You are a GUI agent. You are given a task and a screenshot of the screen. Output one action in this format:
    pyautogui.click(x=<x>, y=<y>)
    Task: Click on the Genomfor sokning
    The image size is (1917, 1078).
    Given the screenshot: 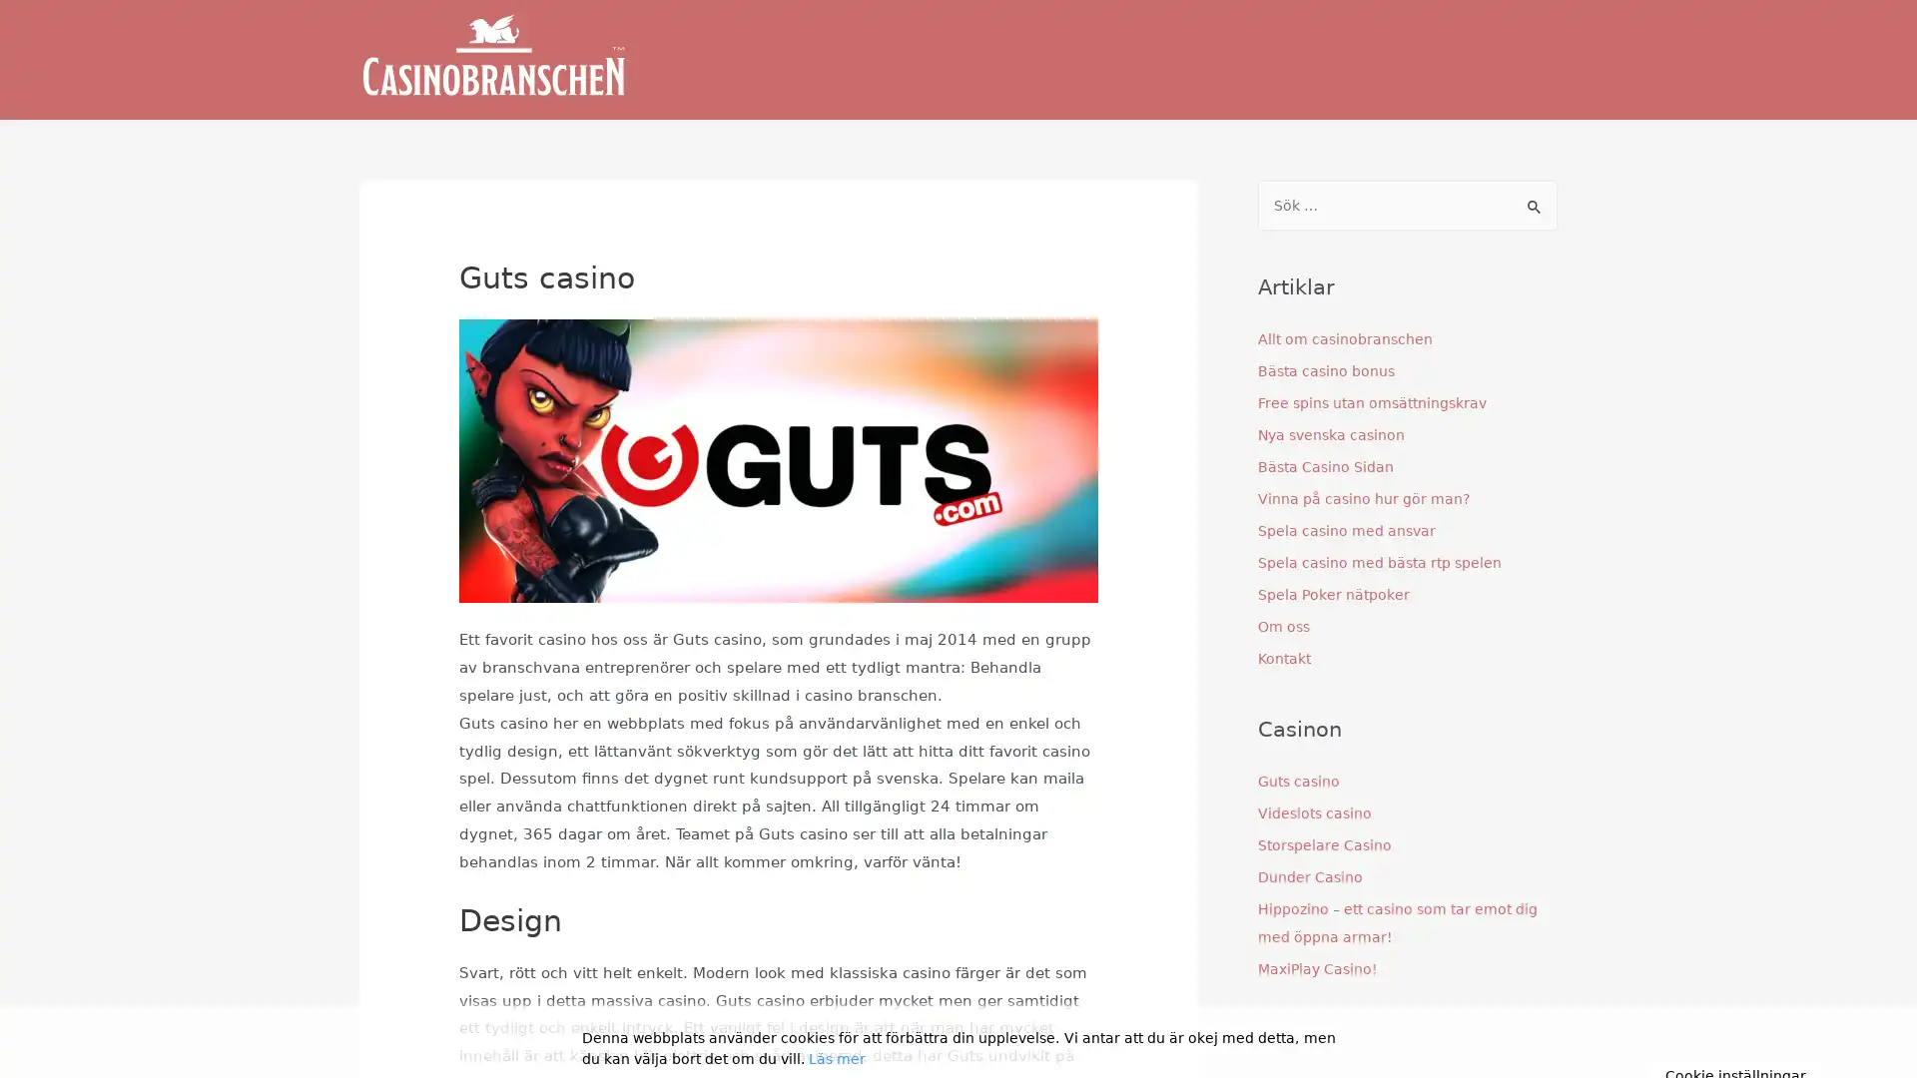 What is the action you would take?
    pyautogui.click(x=1533, y=208)
    